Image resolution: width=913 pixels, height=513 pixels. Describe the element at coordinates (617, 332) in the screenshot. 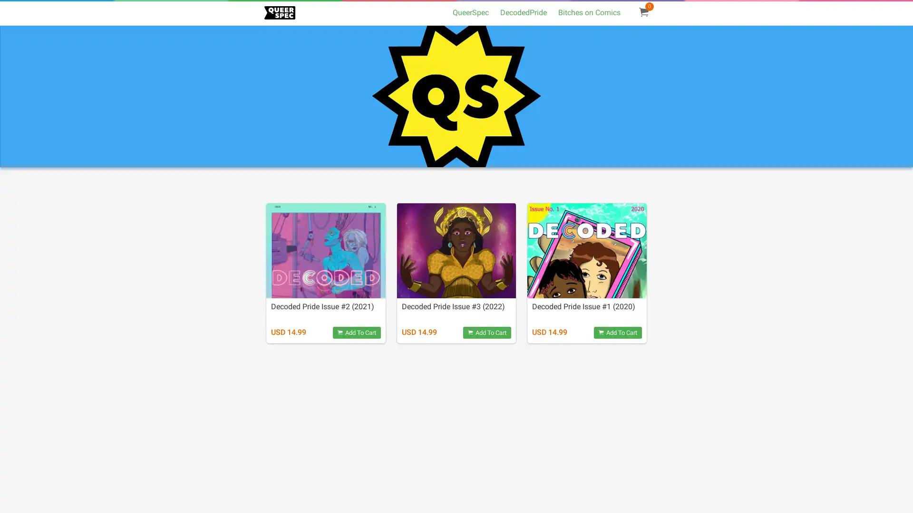

I see `Add To Cart` at that location.